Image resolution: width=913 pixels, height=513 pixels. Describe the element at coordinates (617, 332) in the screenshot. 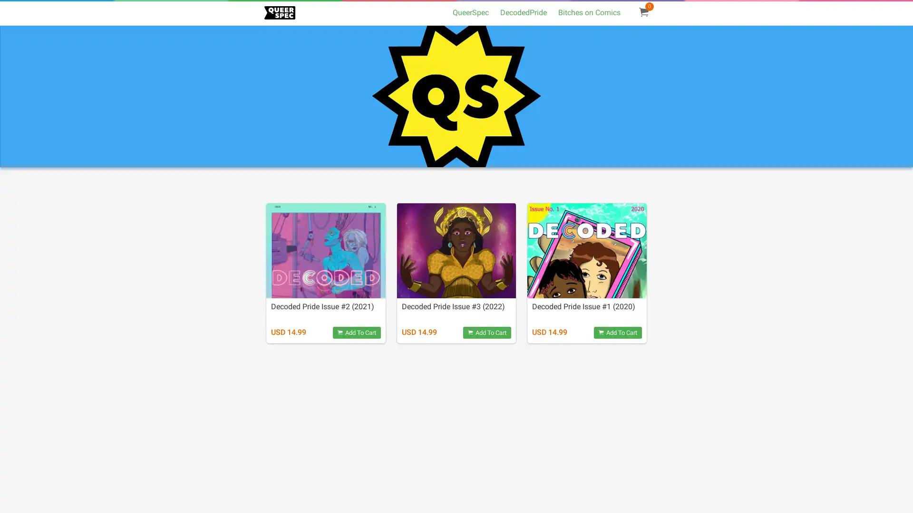

I see `Add To Cart` at that location.